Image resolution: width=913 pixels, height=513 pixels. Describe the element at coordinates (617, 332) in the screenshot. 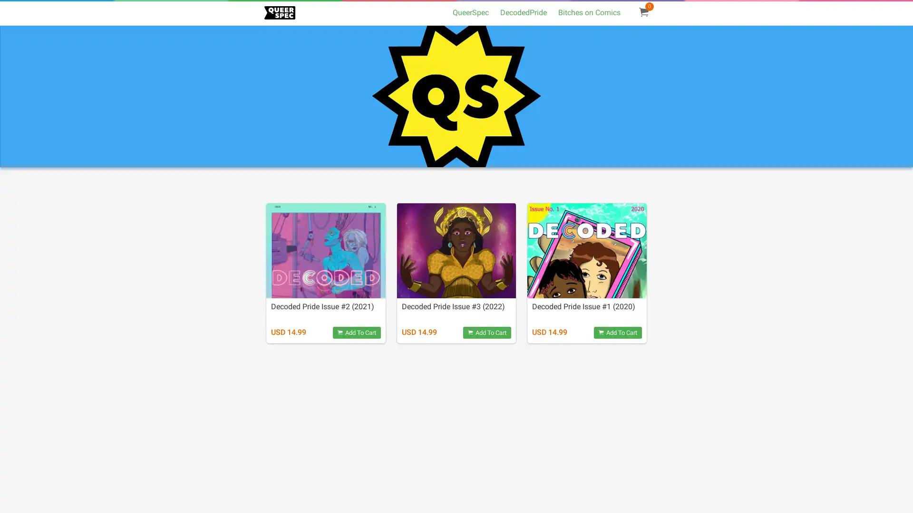

I see `Add To Cart` at that location.